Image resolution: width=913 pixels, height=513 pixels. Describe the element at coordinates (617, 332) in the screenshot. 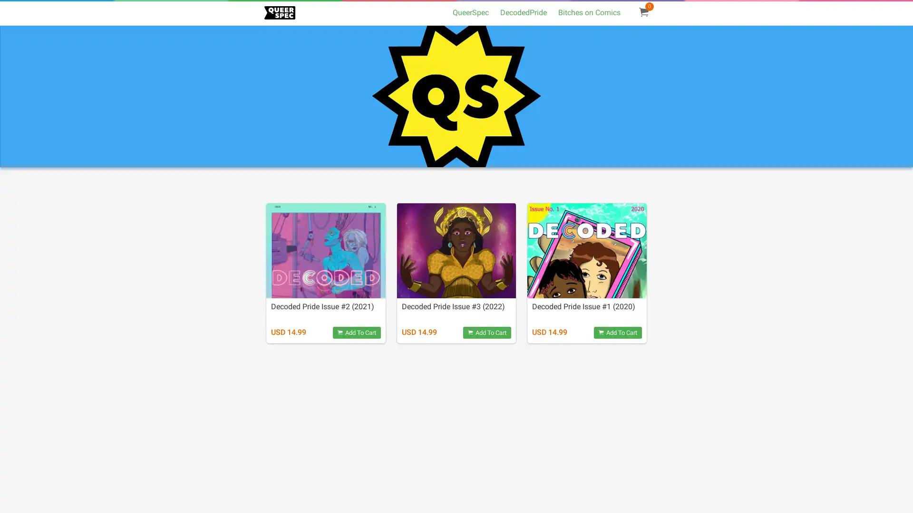

I see `Add To Cart` at that location.